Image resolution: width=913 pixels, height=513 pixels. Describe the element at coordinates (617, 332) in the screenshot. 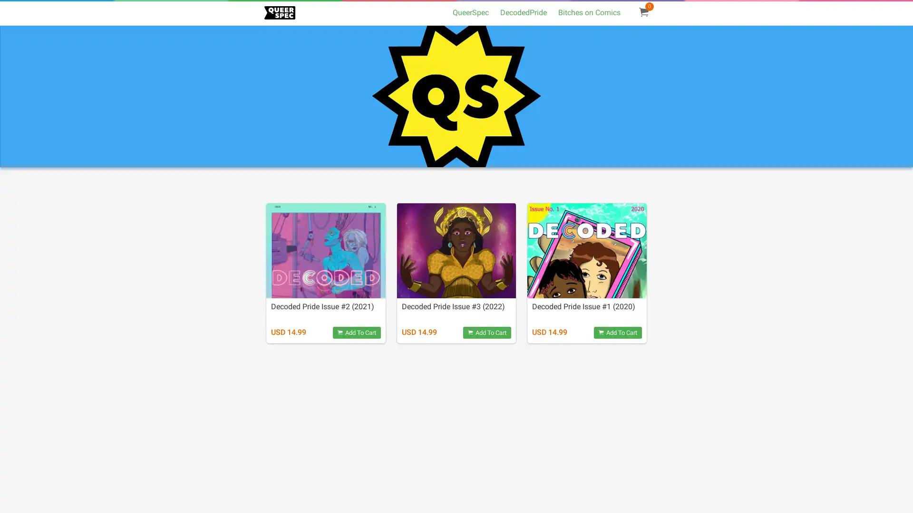

I see `Add To Cart` at that location.